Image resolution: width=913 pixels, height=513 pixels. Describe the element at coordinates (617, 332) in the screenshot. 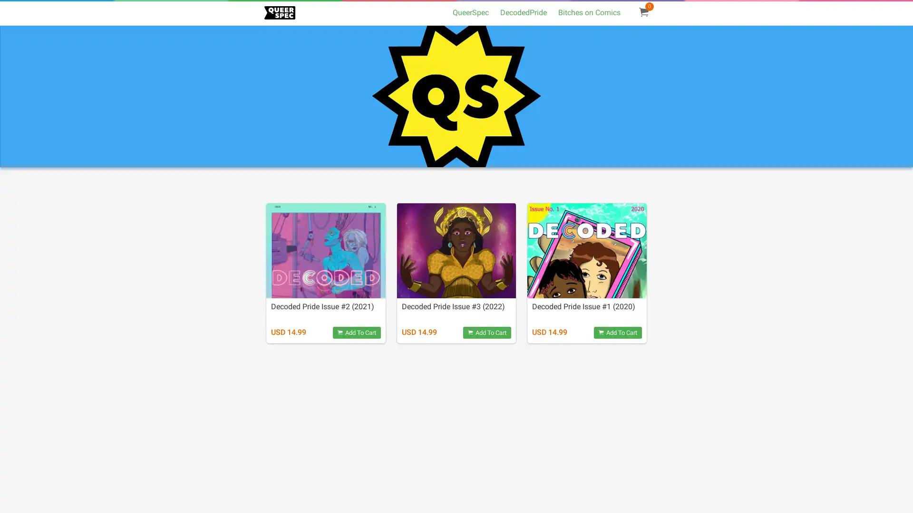

I see `Add To Cart` at that location.